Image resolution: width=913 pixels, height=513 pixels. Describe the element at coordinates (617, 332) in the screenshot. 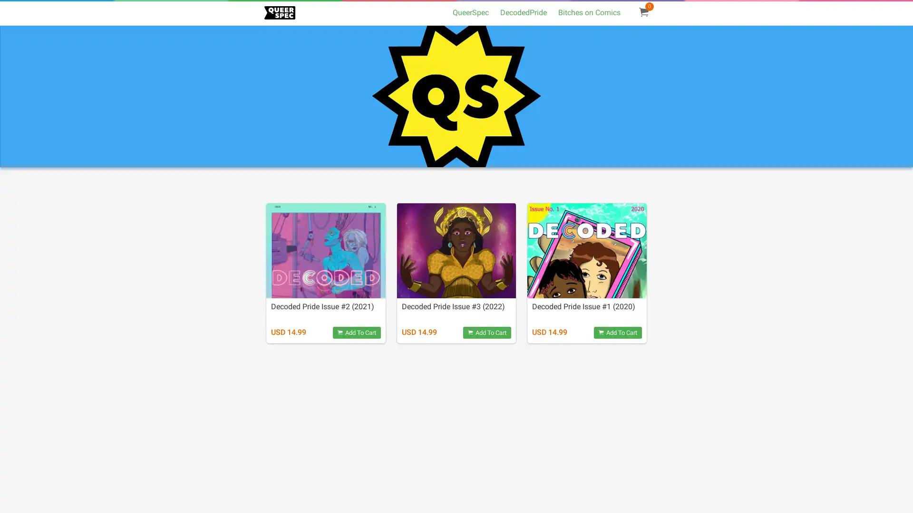

I see `Add To Cart` at that location.